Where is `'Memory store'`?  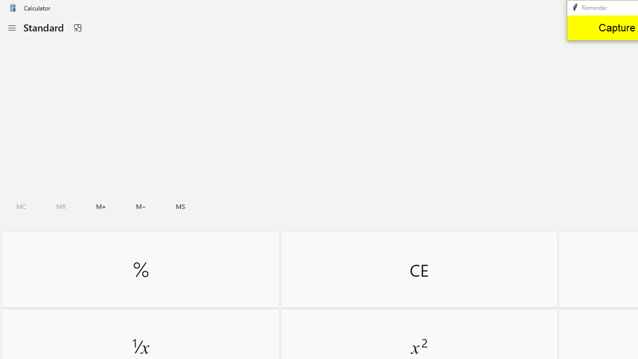
'Memory store' is located at coordinates (180, 206).